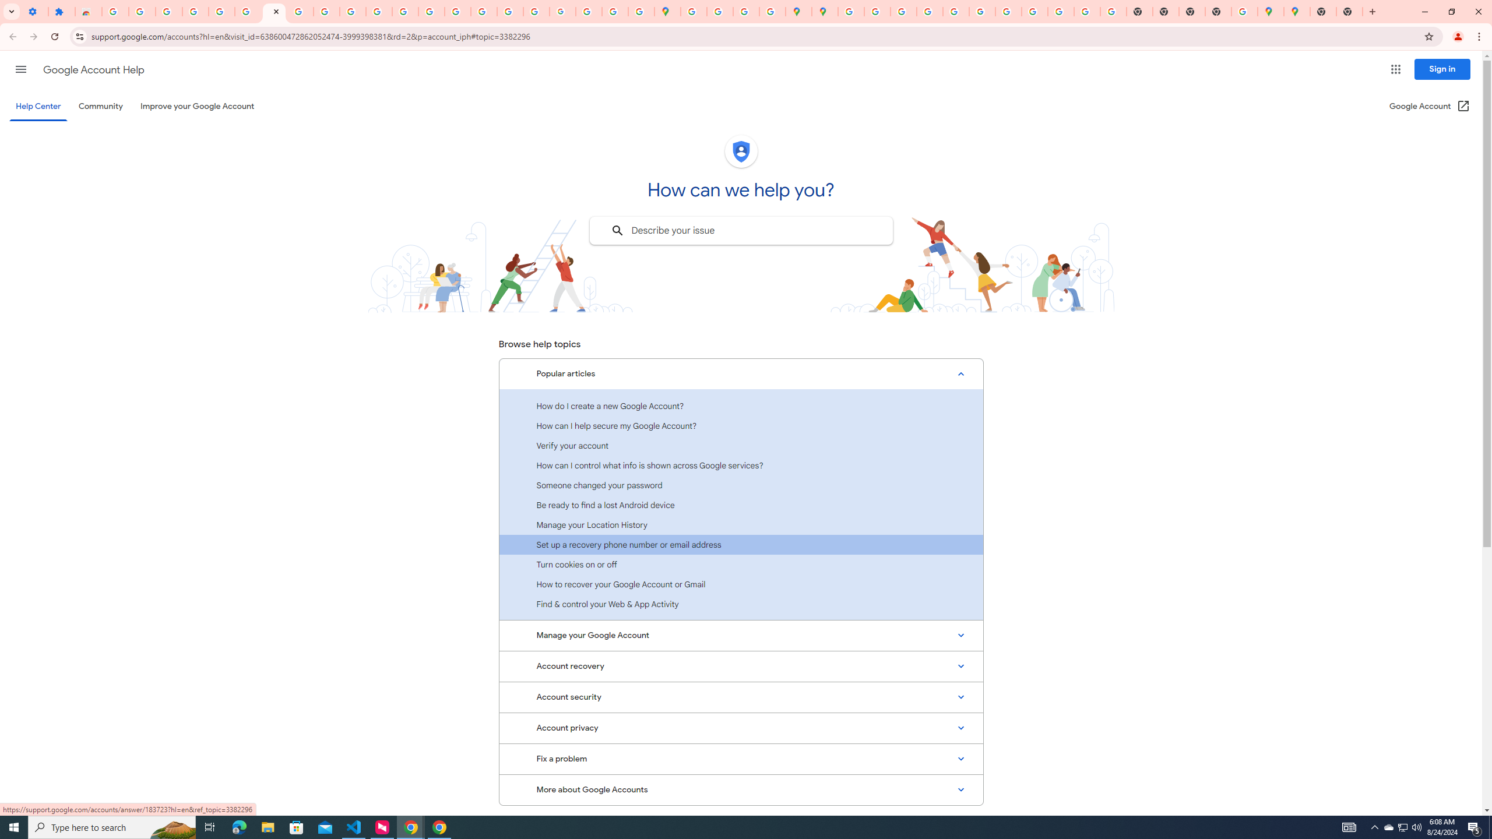 The height and width of the screenshot is (839, 1492). I want to click on 'Describe your issue to find information that might help you.', so click(741, 230).